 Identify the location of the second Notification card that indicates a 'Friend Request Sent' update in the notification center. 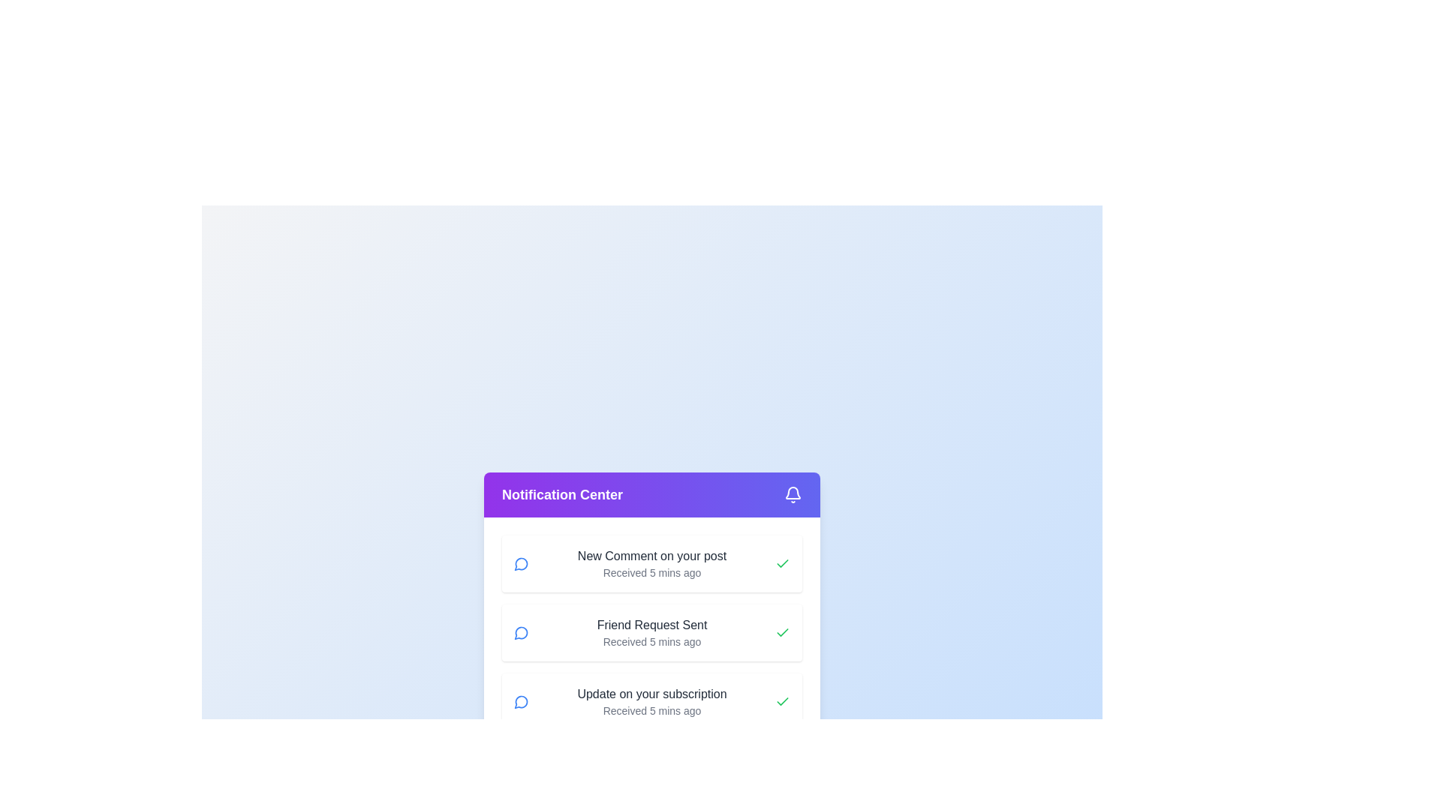
(651, 610).